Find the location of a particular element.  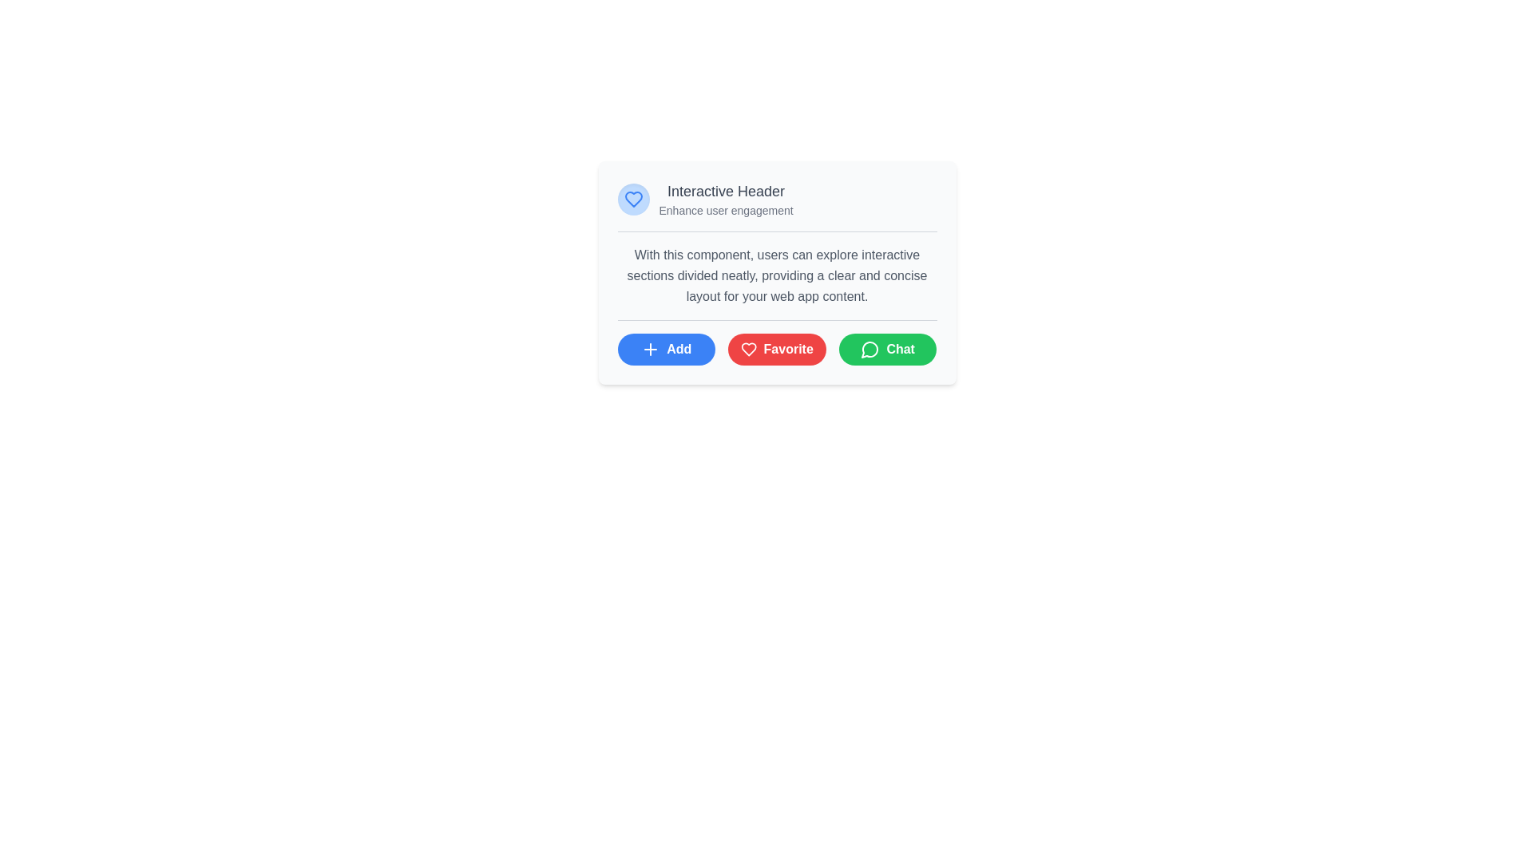

explanatory text block located below the horizontal separator and above the action buttons in the card with a white background and rounded edges is located at coordinates (777, 275).